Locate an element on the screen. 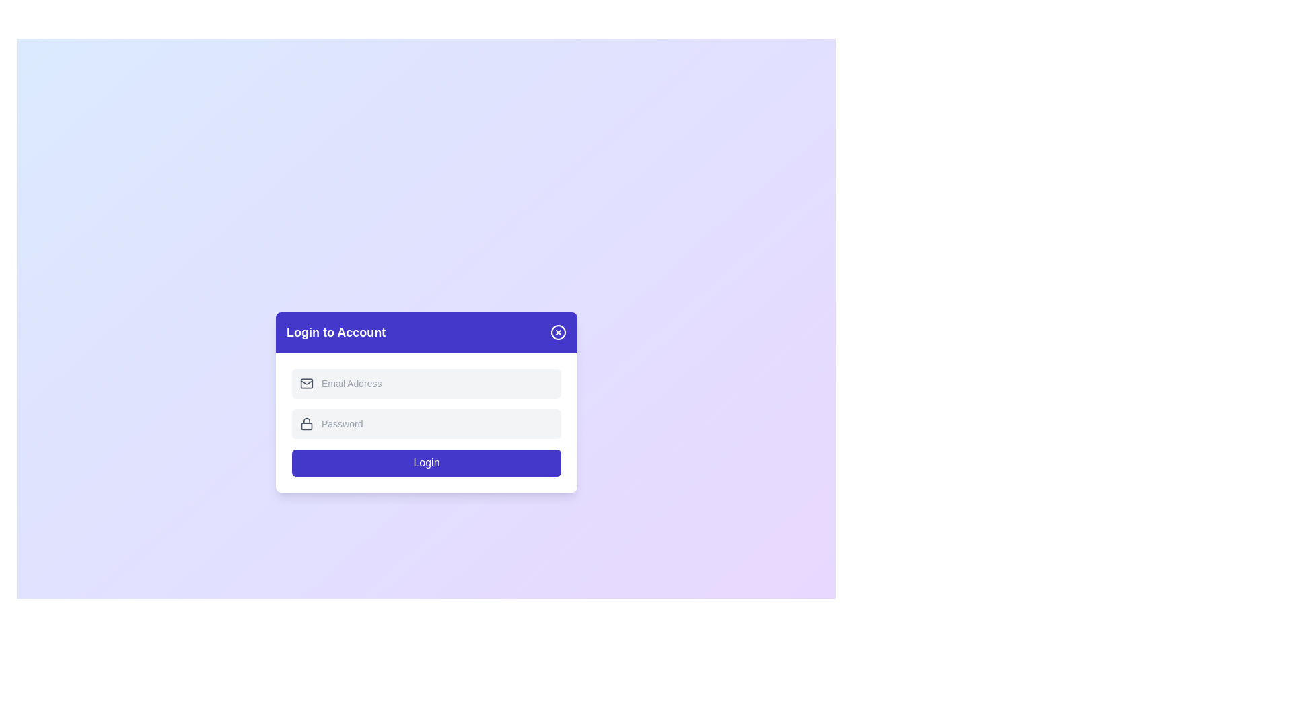  the email input field to focus on it is located at coordinates (437, 384).